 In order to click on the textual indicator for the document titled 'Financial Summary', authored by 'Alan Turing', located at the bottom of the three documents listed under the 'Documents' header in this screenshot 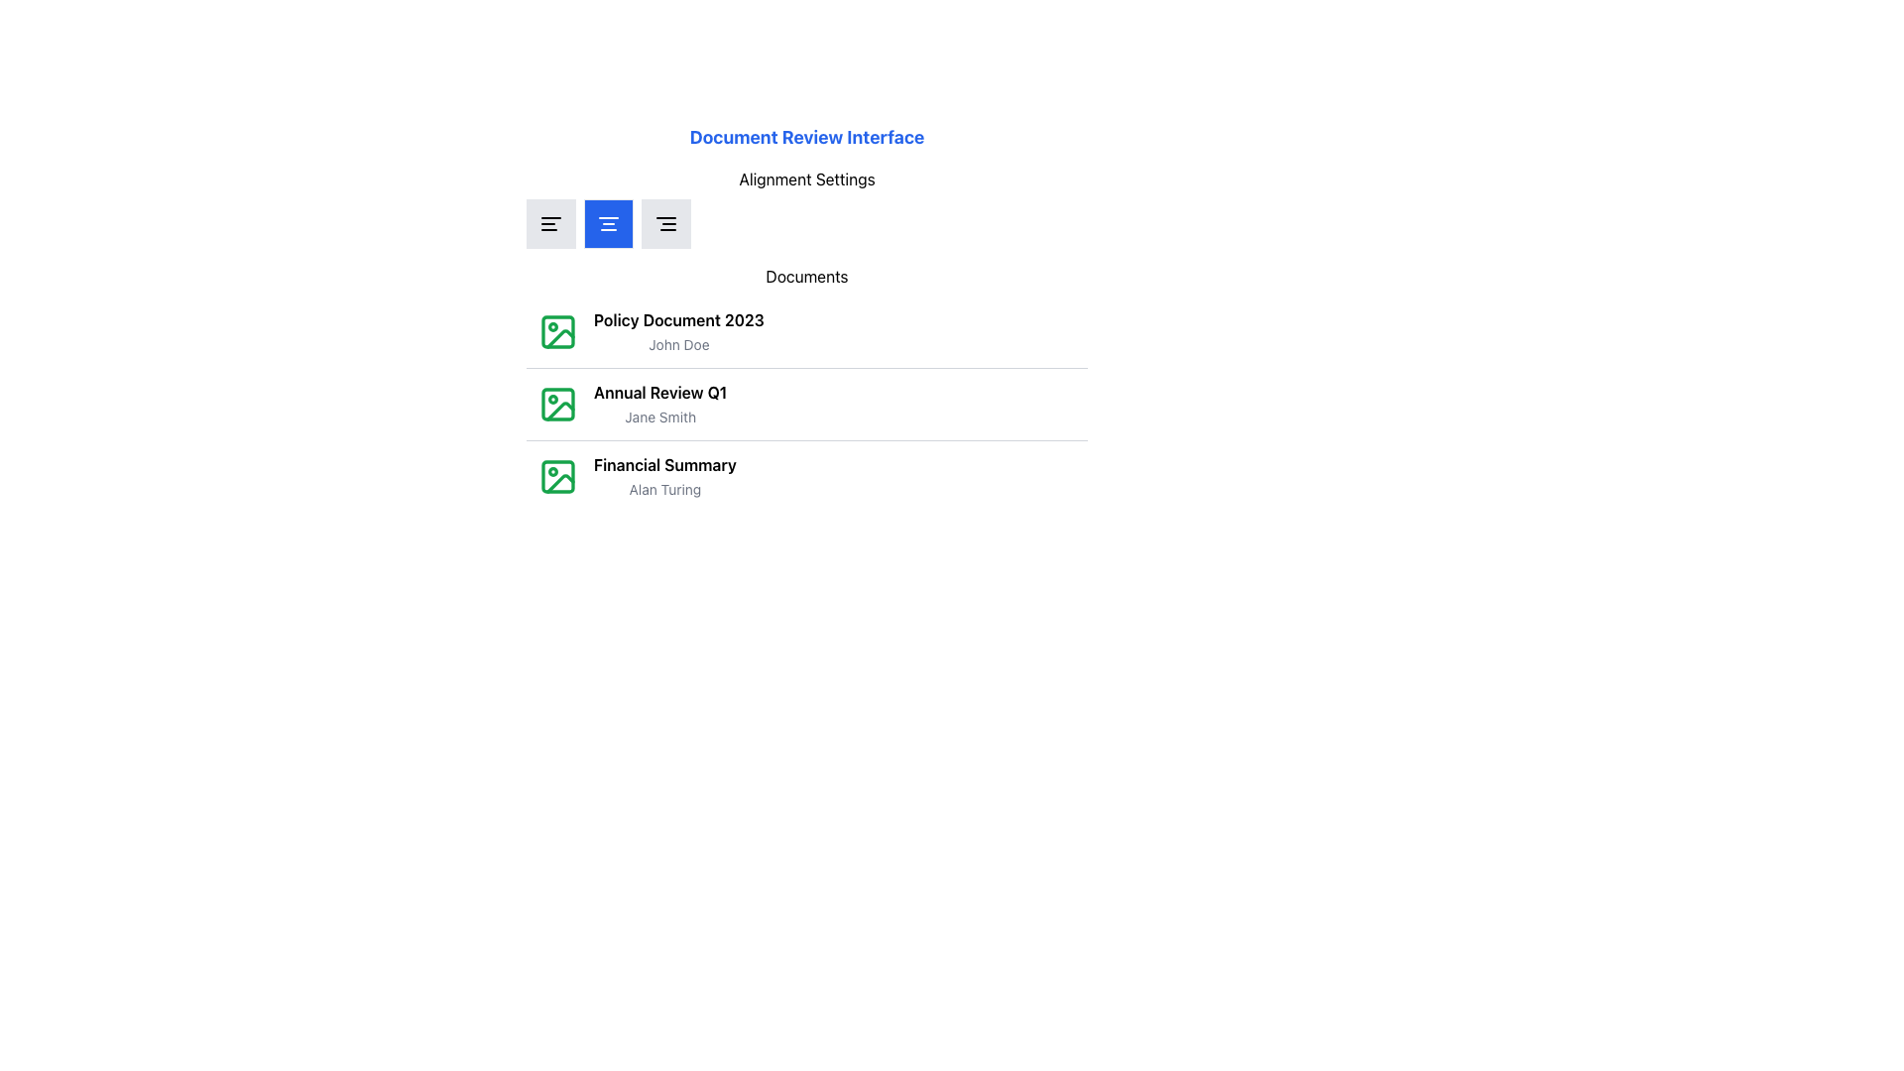, I will do `click(664, 477)`.